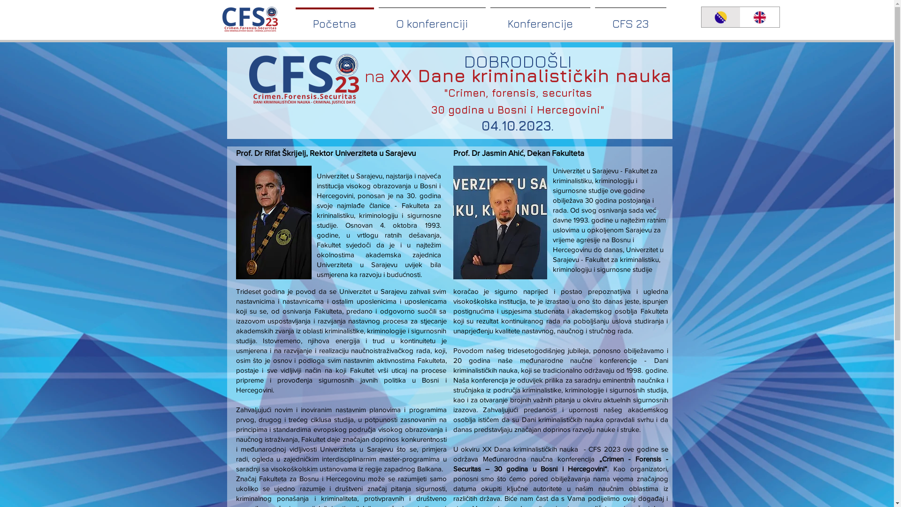 The width and height of the screenshot is (901, 507). Describe the element at coordinates (630, 19) in the screenshot. I see `'CFS 23'` at that location.